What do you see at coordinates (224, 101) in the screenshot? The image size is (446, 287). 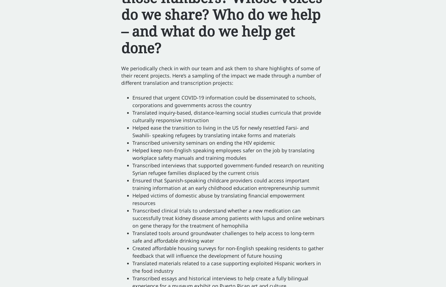 I see `'Ensured that urgent COVID-19 information could be disseminated to schools, corporations and governments across the country'` at bounding box center [224, 101].